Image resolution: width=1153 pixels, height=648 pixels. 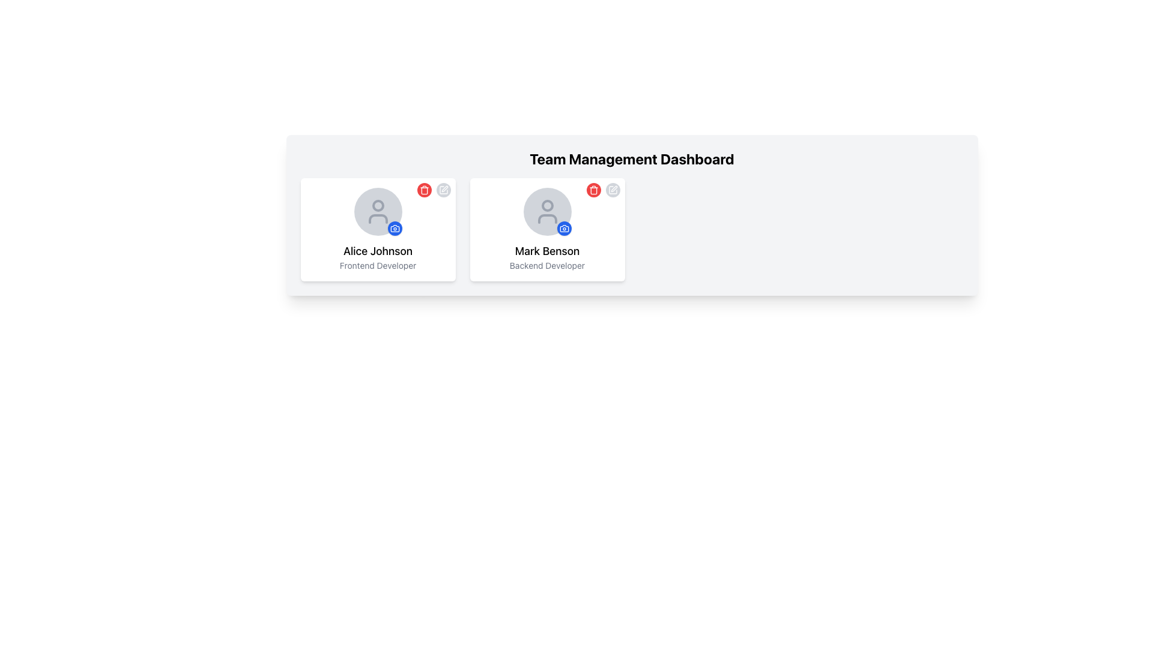 What do you see at coordinates (395, 229) in the screenshot?
I see `the button located in the bottom-right corner of Alice Johnson's circular avatar image for keyboard interactions` at bounding box center [395, 229].